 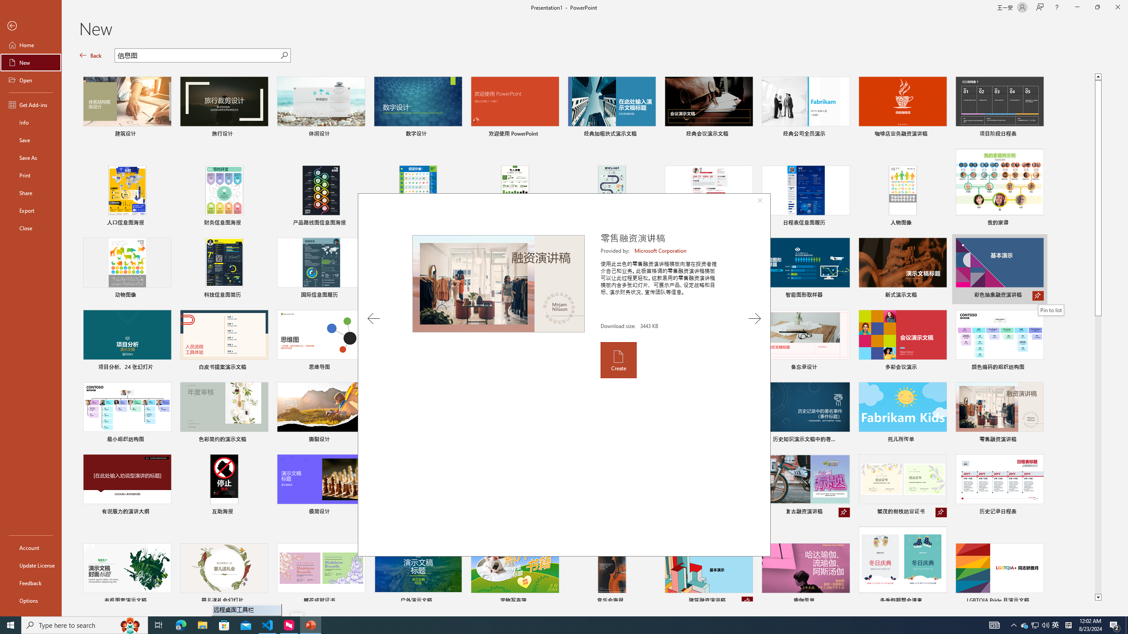 I want to click on 'Back', so click(x=91, y=55).